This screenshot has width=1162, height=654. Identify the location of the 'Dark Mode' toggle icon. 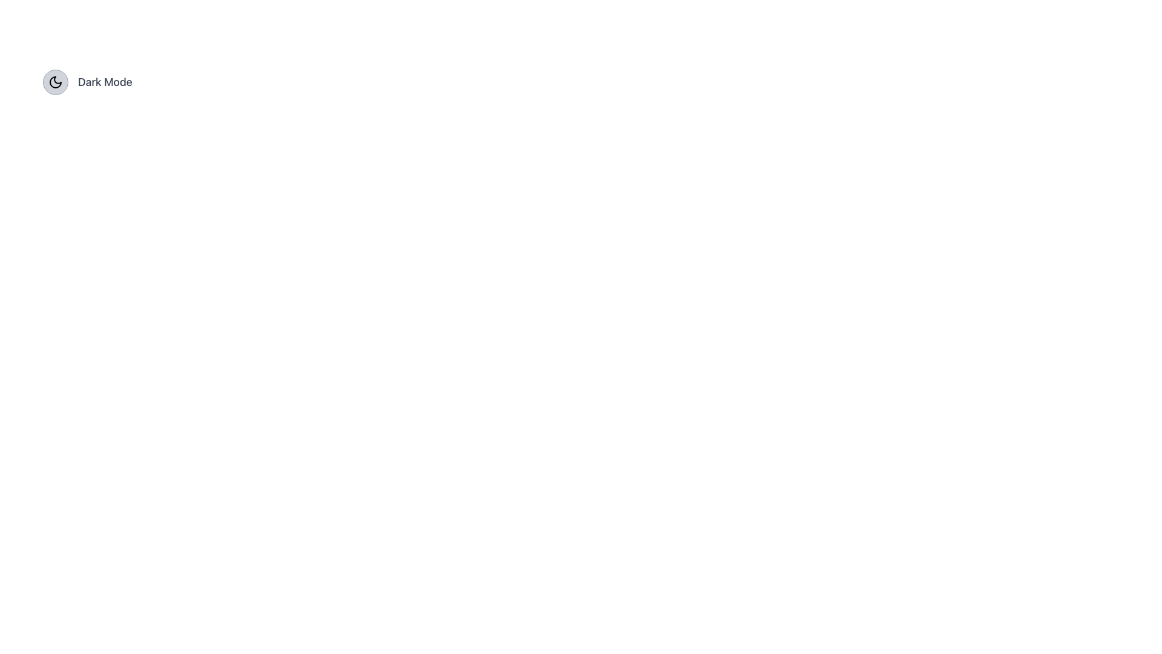
(54, 82).